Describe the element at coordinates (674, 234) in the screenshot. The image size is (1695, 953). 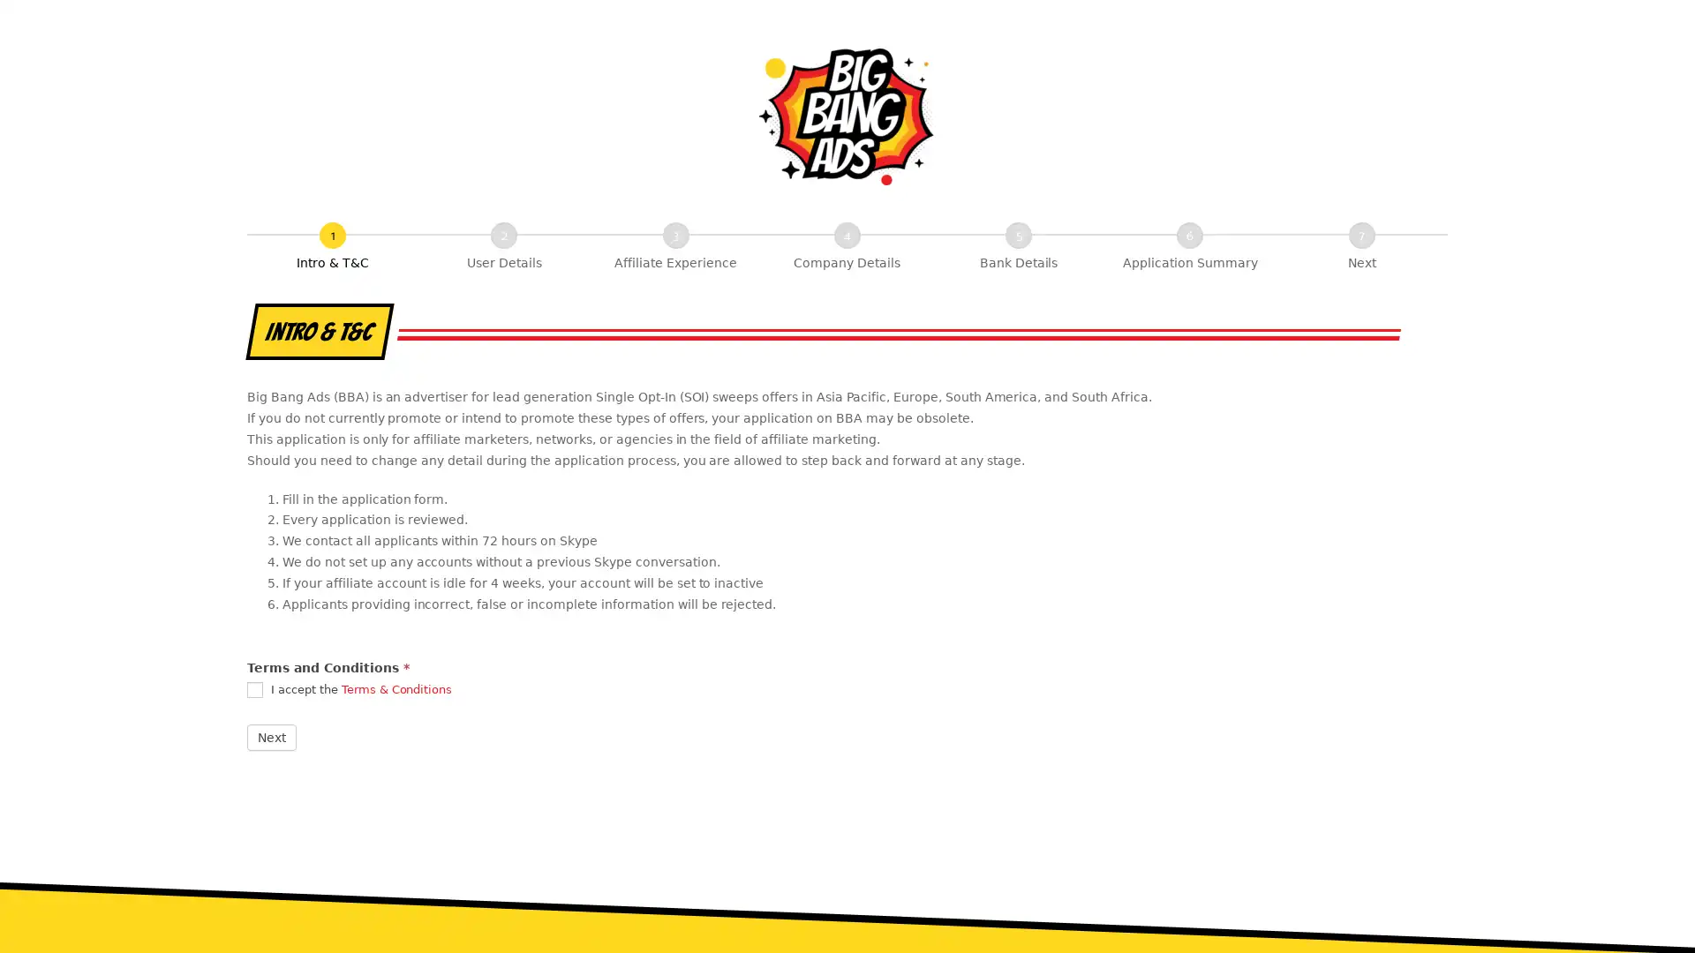
I see `Affiliate Experience` at that location.